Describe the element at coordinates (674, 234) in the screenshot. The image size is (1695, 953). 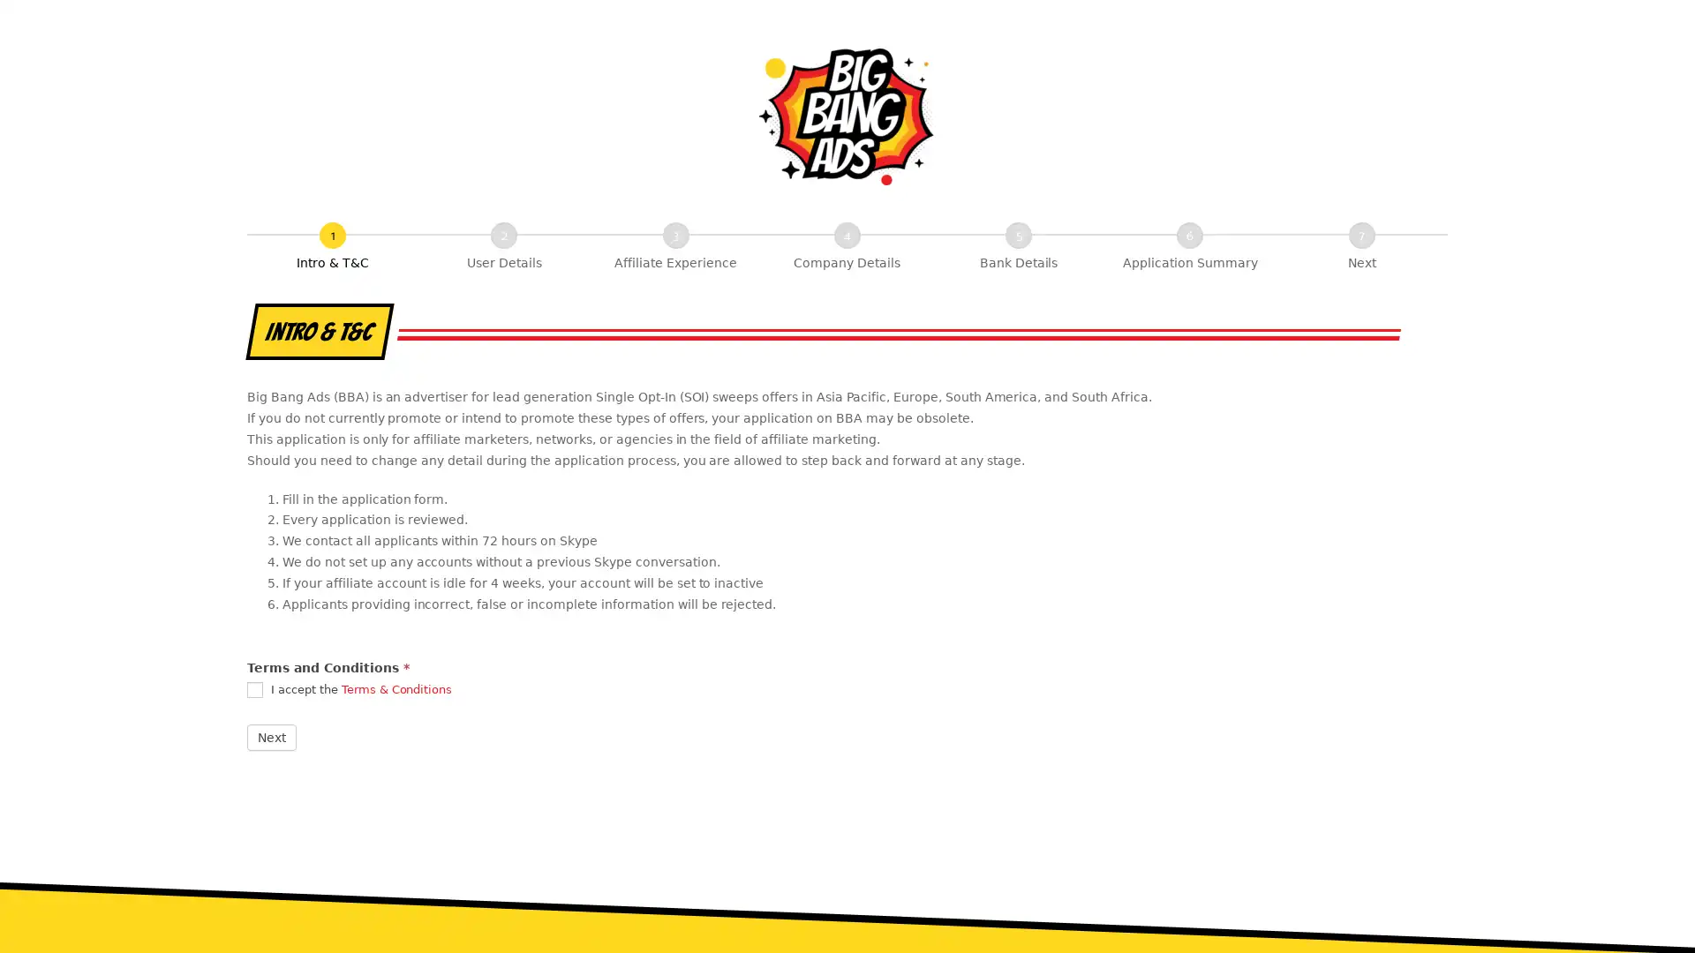
I see `Affiliate Experience` at that location.